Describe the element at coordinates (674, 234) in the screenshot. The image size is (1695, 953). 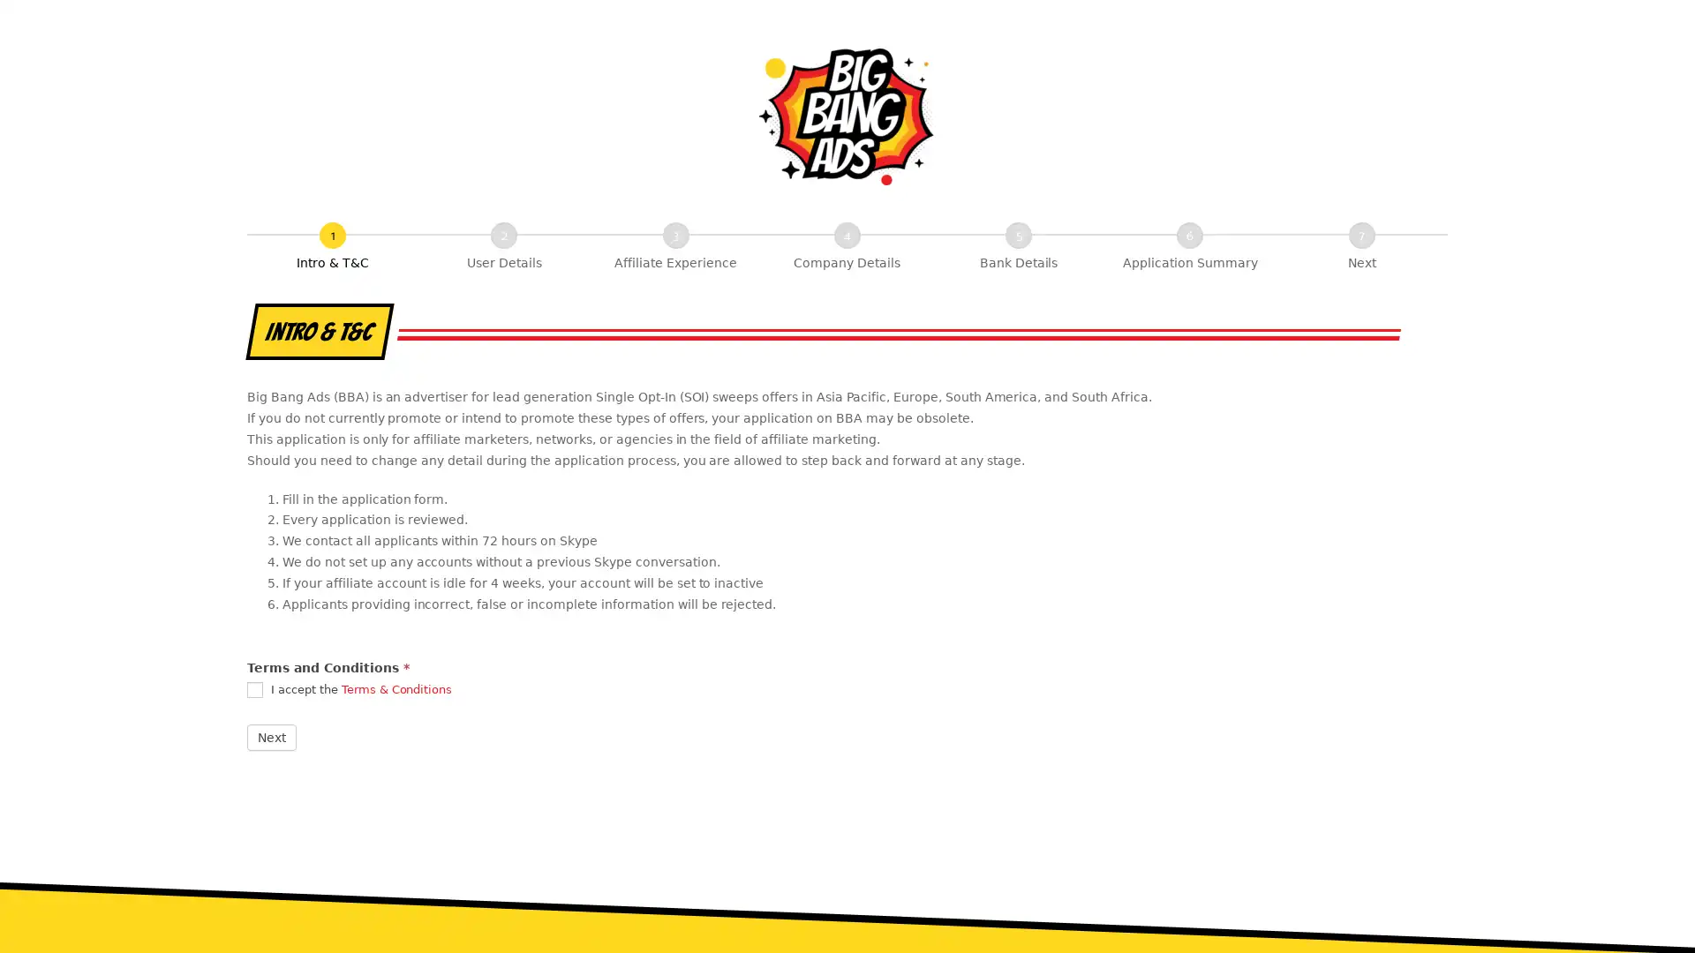
I see `Affiliate Experience` at that location.